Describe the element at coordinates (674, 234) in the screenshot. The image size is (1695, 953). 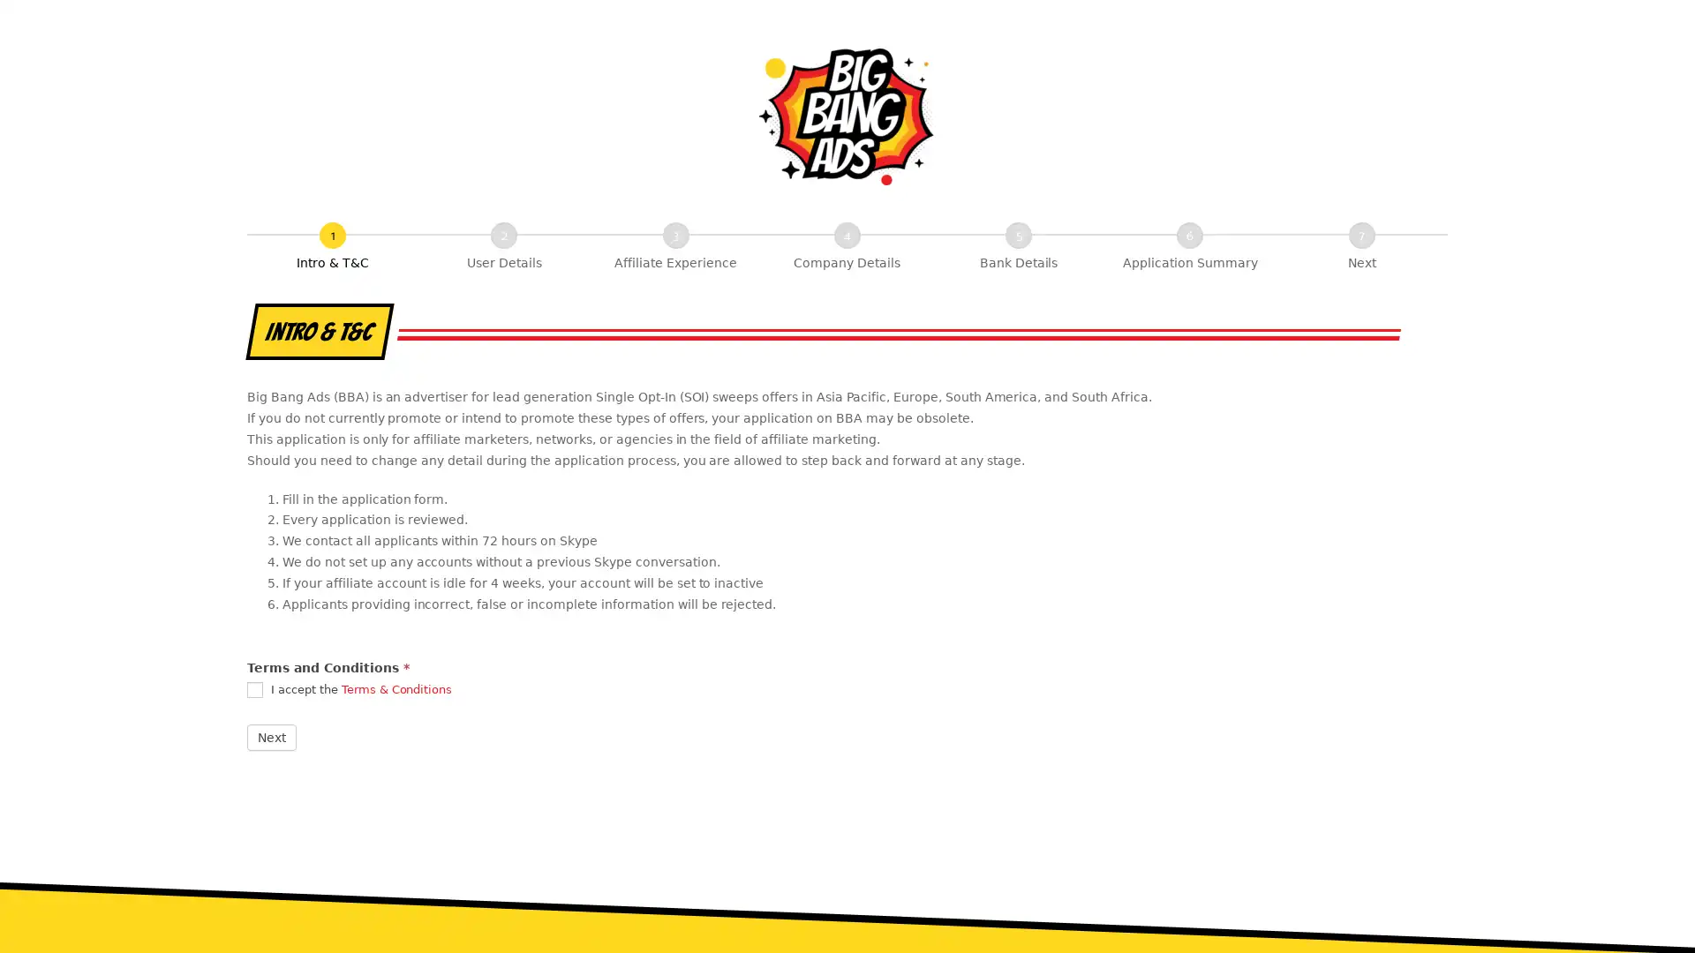
I see `Affiliate Experience` at that location.